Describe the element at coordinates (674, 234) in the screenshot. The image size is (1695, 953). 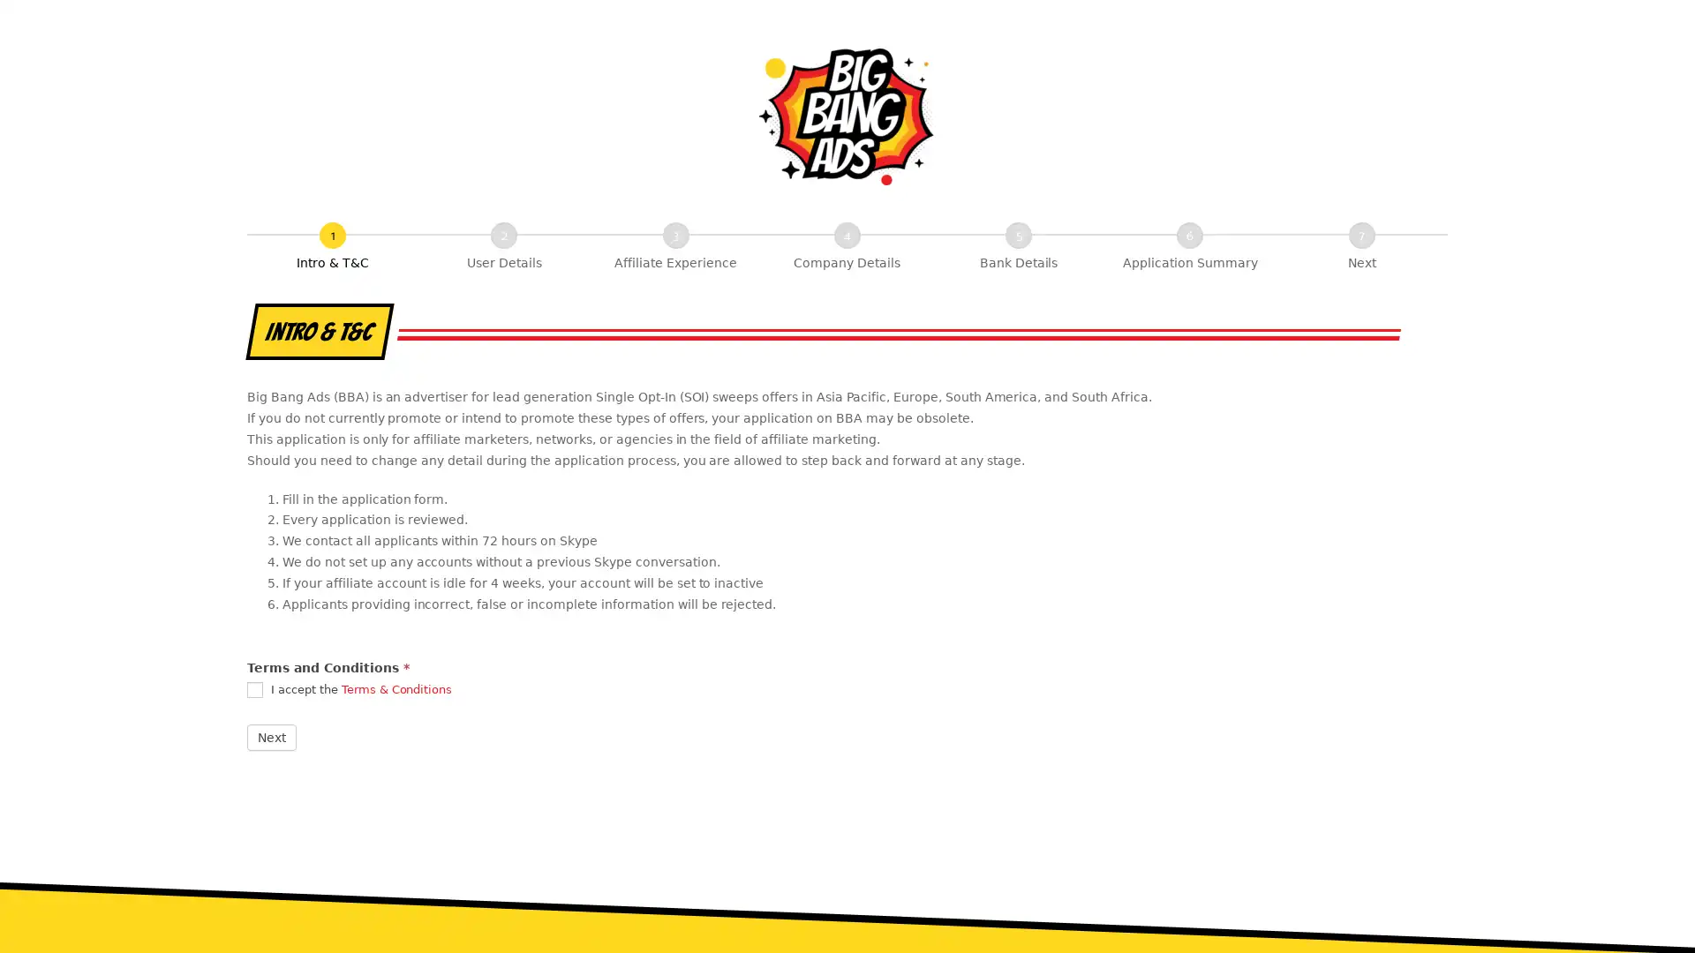
I see `Affiliate Experience` at that location.